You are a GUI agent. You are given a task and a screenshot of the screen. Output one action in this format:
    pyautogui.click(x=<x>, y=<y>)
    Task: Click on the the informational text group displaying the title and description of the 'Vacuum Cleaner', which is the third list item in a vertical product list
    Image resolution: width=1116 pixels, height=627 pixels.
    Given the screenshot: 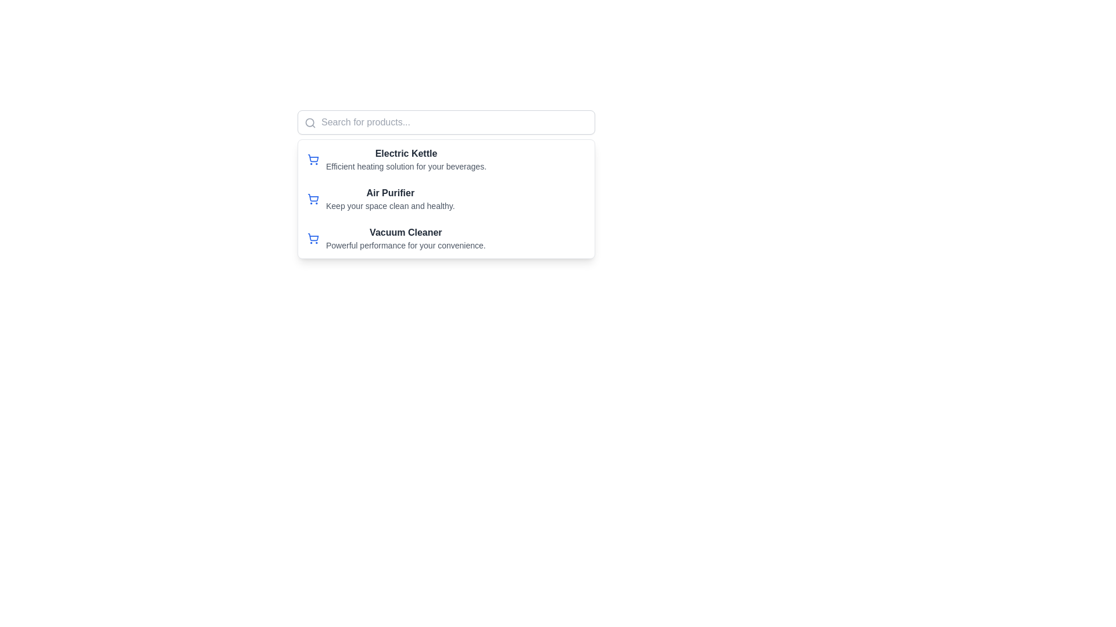 What is the action you would take?
    pyautogui.click(x=406, y=238)
    